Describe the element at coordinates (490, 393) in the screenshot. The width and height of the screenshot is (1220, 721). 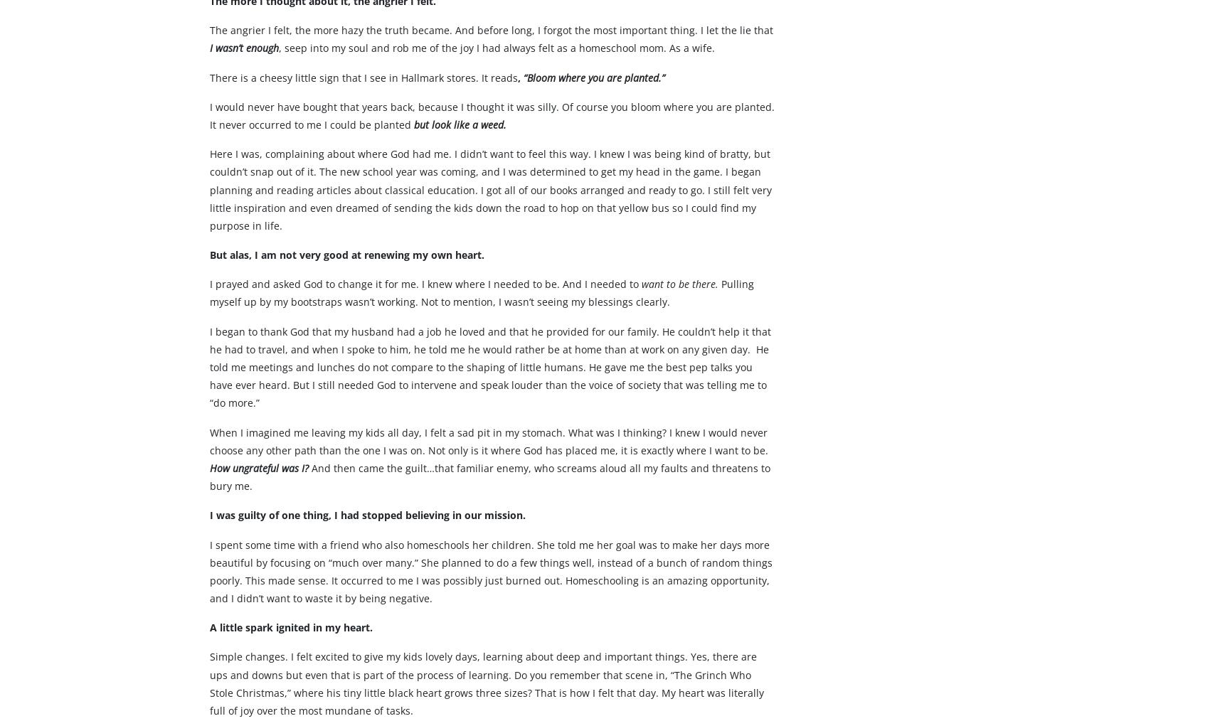
I see `'I began to thank God that my husband had a job he loved and that he provided for our family. He couldn’t help it that he had to travel, and when I spoke to him, he told me he would rather be at home than at work on any given day.  He told me meetings and lunches do not compare to the shaping of little humans. He gave me the best pep talks you have ever heard. But I still needed God to intervene and speak louder than the voice of society that was telling me to “do more.”'` at that location.